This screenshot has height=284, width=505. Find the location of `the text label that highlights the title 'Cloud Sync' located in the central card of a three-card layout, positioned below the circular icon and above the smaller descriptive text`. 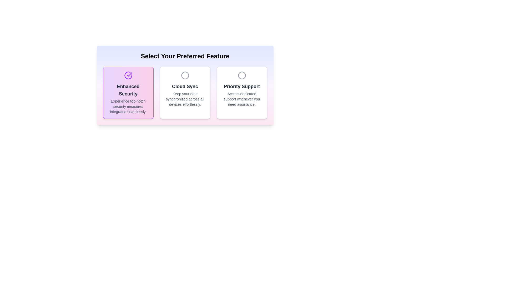

the text label that highlights the title 'Cloud Sync' located in the central card of a three-card layout, positioned below the circular icon and above the smaller descriptive text is located at coordinates (185, 86).